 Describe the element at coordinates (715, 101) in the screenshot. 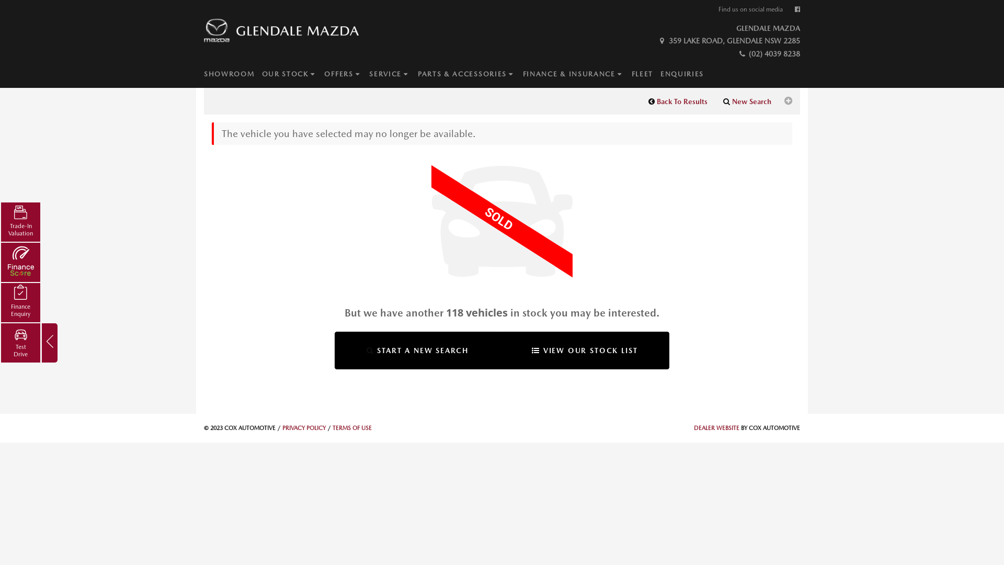

I see `'New Search'` at that location.